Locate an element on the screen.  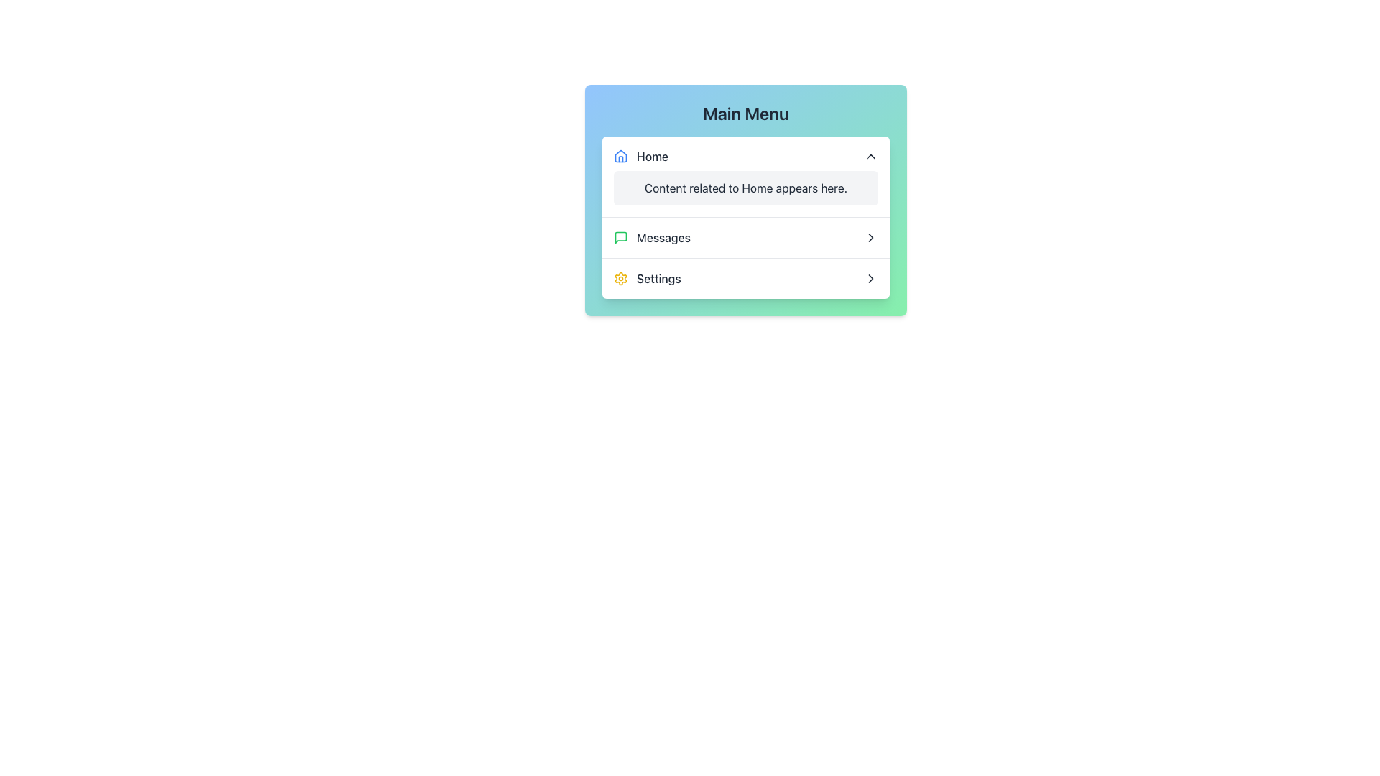
the Text Label that describes the associated button or section represented by the house icon, which indicates the 'Home' section is located at coordinates (651, 157).